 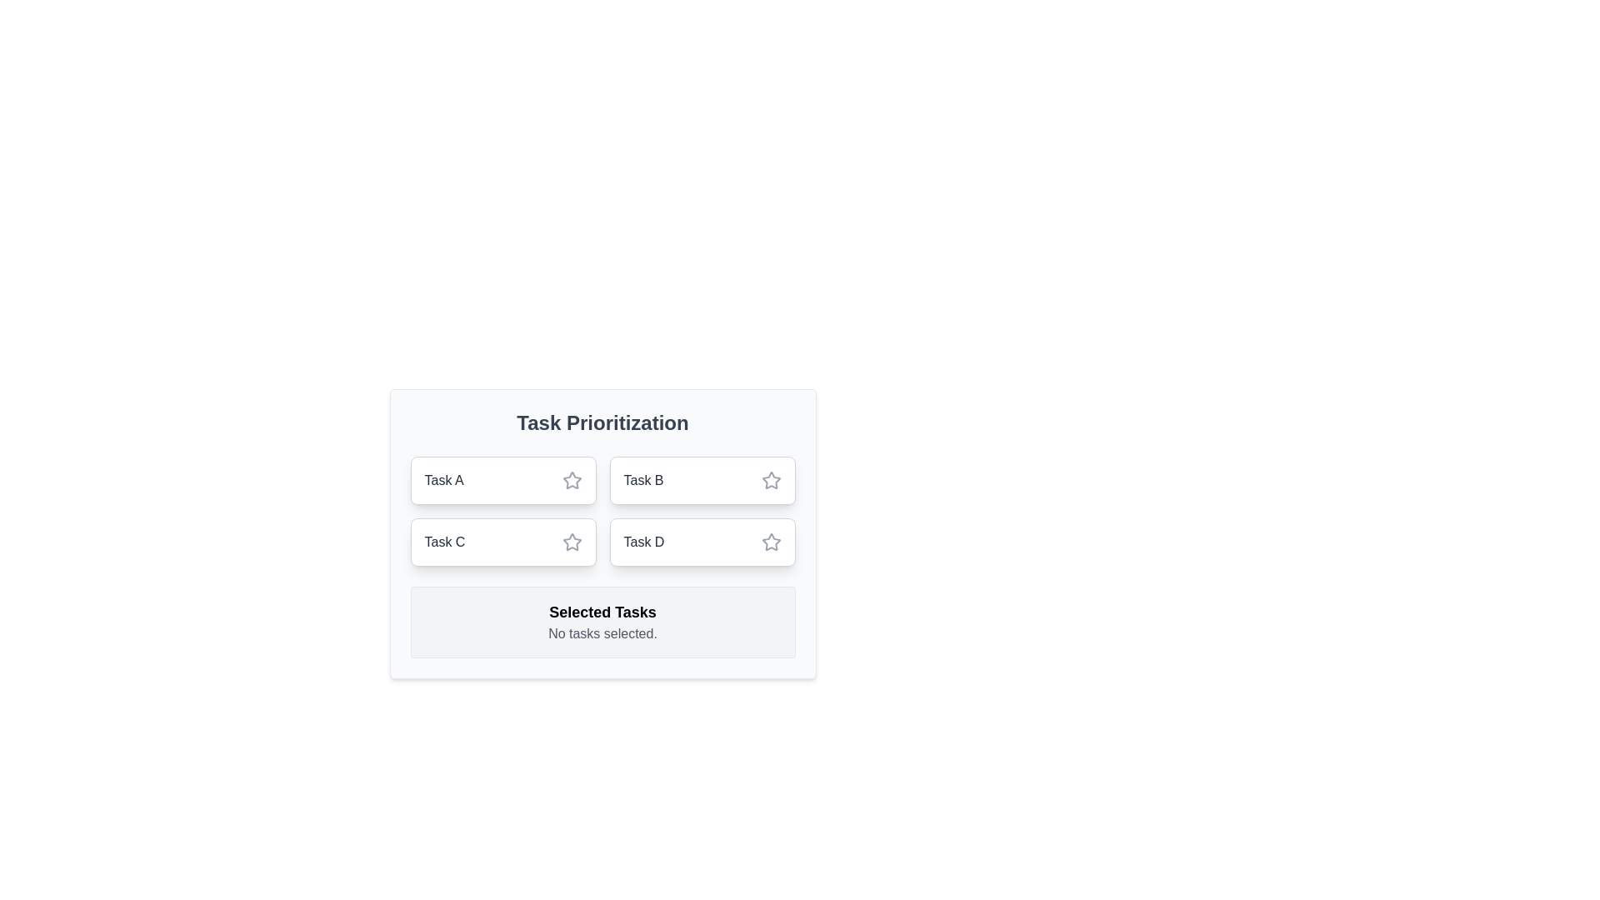 I want to click on the task Task C by clicking on its chip, so click(x=502, y=542).